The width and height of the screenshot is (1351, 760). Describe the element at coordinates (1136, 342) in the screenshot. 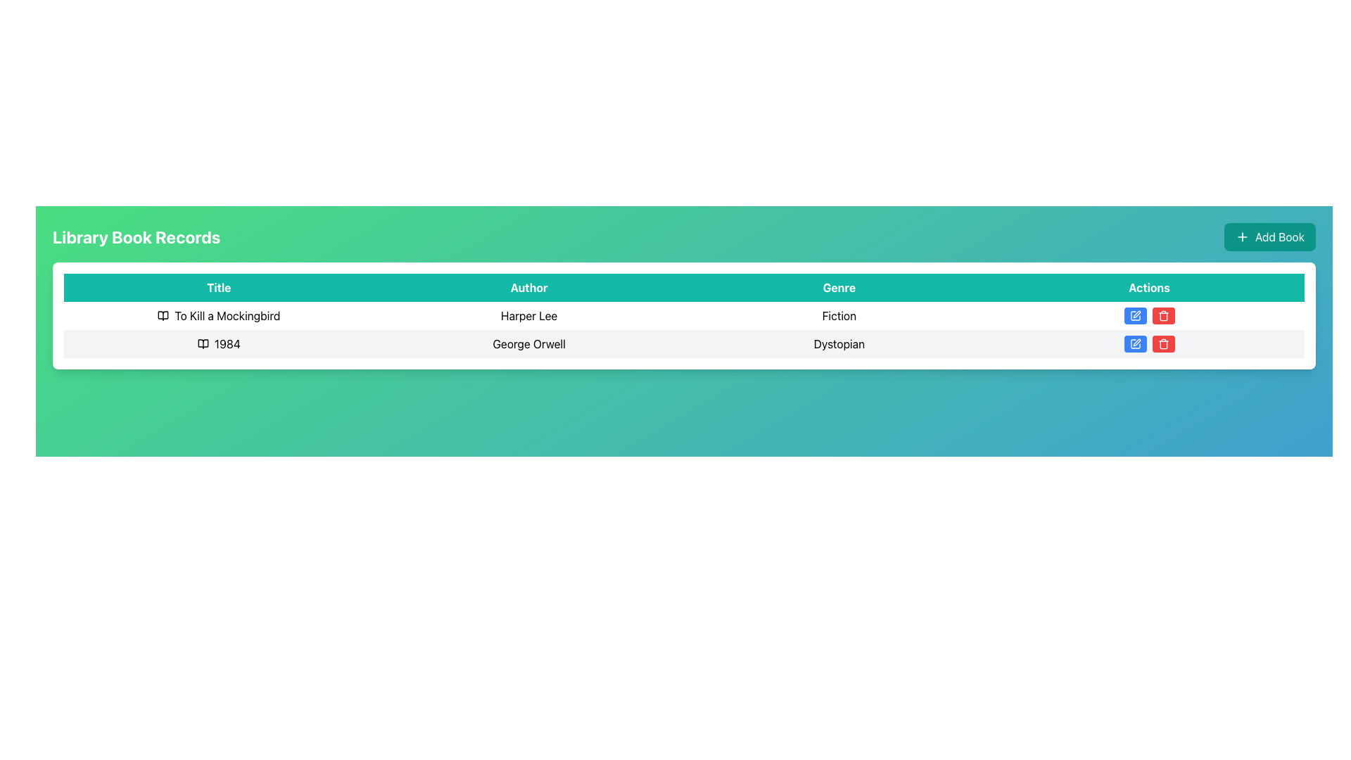

I see `the editing tool icon located in the 'Actions' column of the second row in the table` at that location.